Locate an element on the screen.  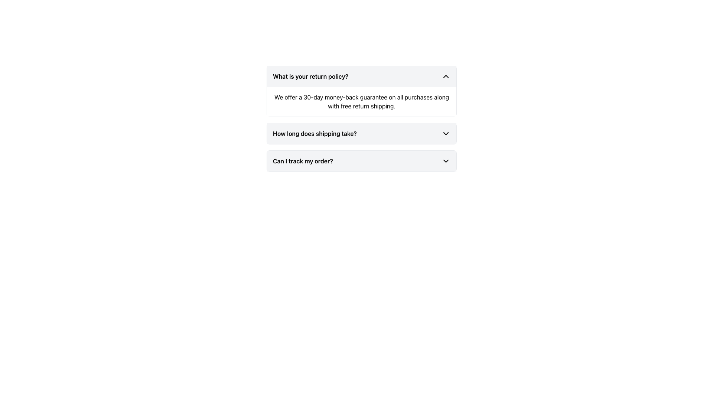
the text block containing the statement 'We offer a 30-day money-back guarantee on all purchases along with free return shipping.' which is located beneath the gray header 'What is your return policy?' is located at coordinates (362, 101).